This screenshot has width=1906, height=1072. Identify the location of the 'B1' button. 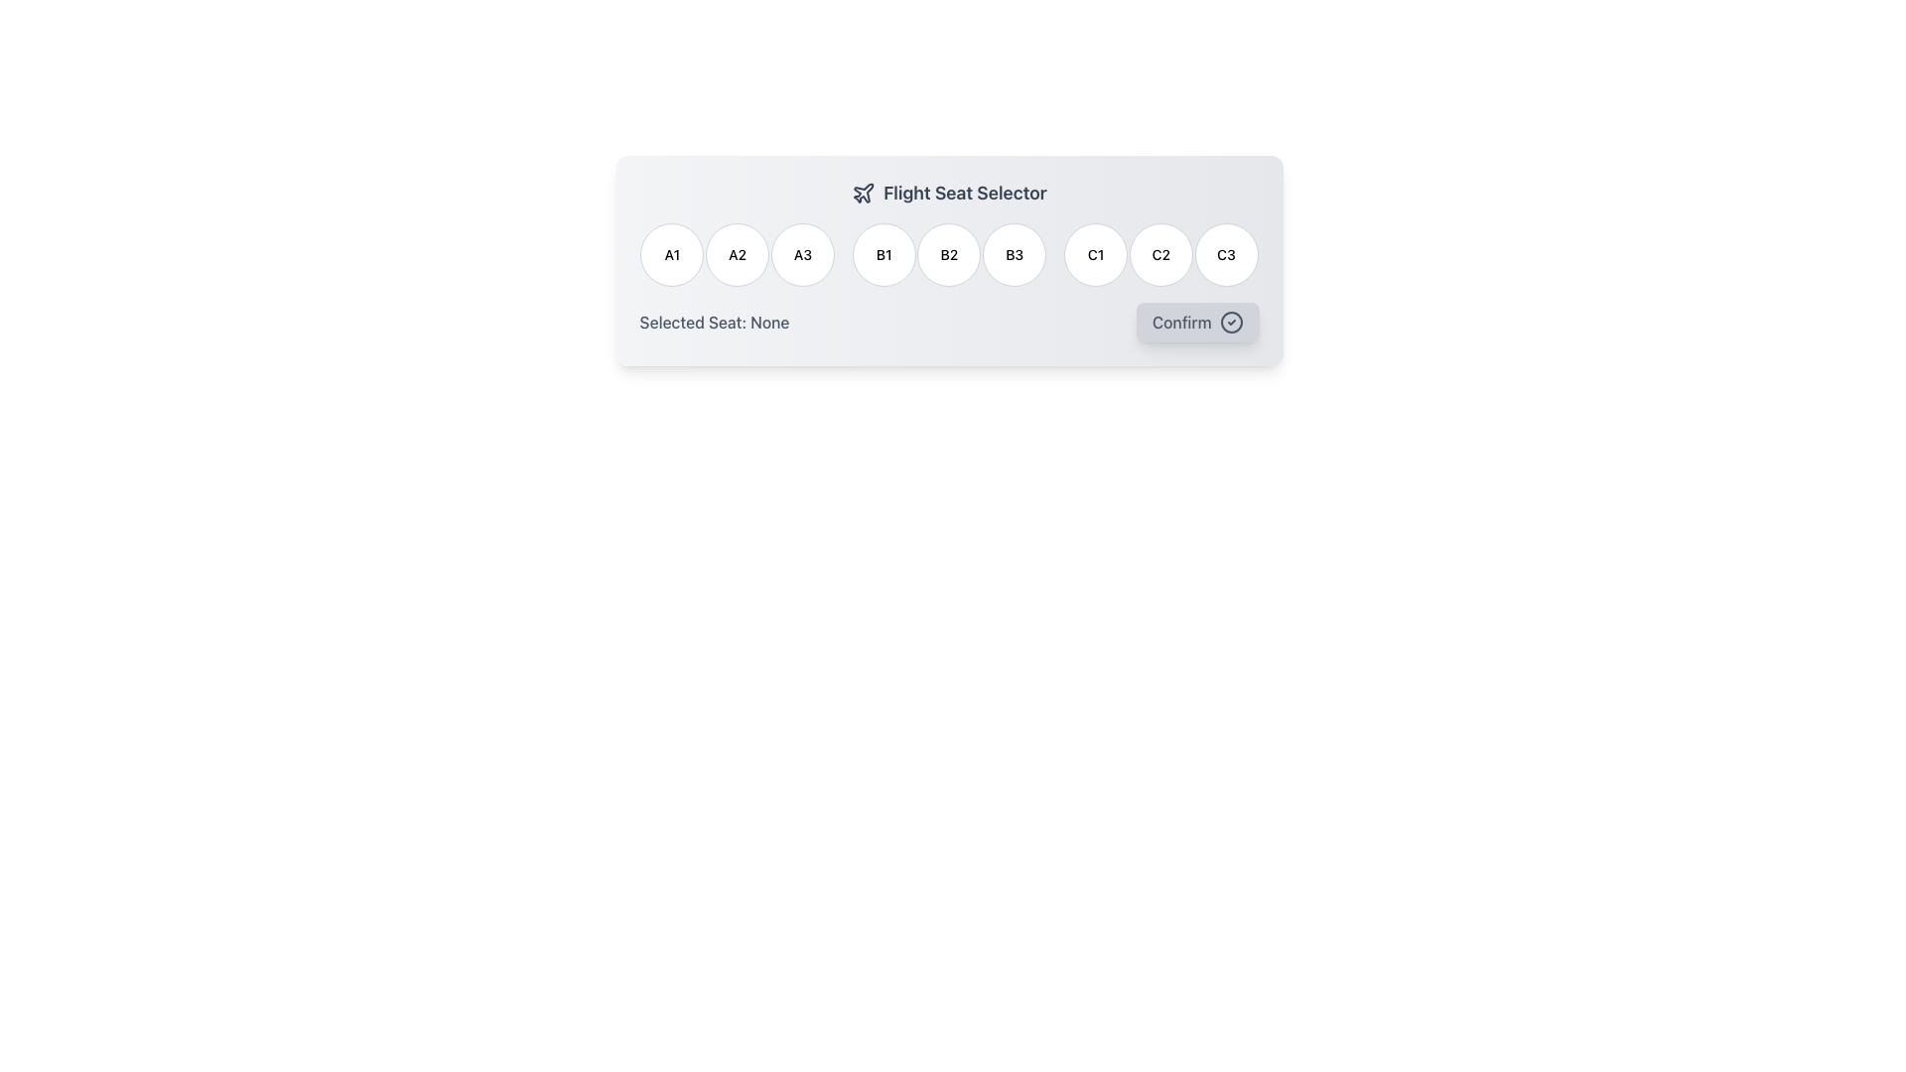
(883, 254).